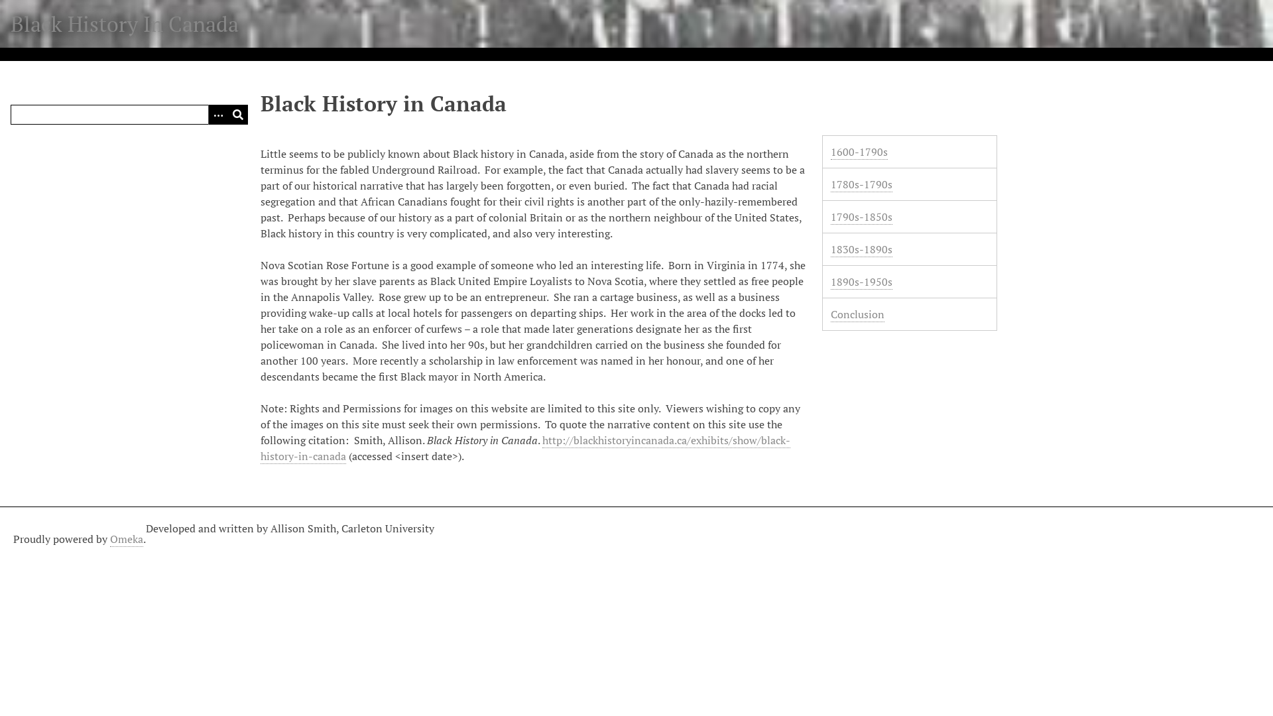 This screenshot has height=716, width=1273. Describe the element at coordinates (861, 184) in the screenshot. I see `'1780s-1790s'` at that location.